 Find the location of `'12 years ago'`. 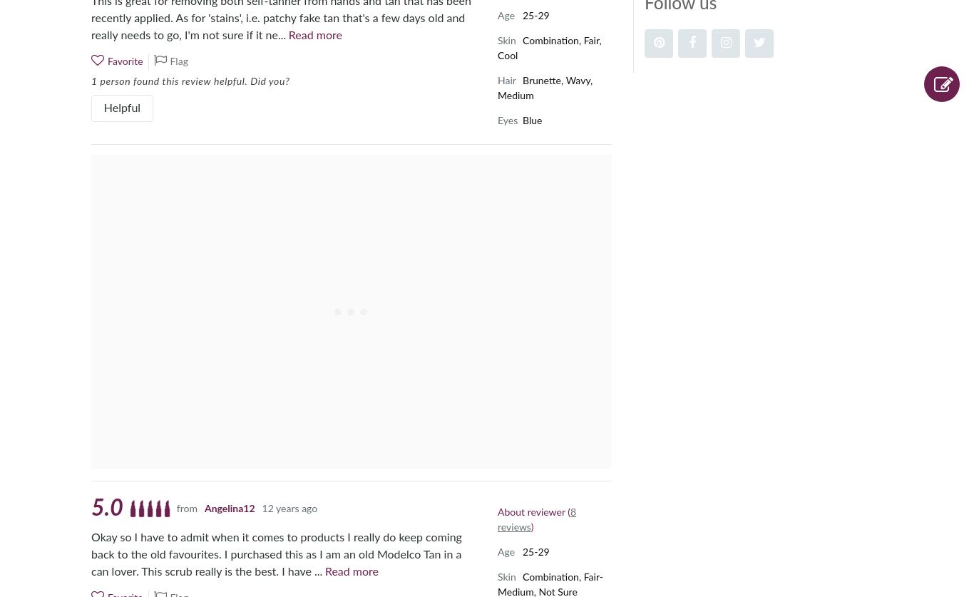

'12 years ago' is located at coordinates (288, 508).